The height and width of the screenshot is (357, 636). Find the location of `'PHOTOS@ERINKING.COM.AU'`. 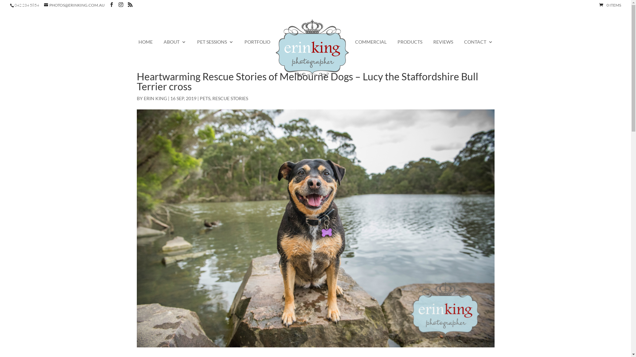

'PHOTOS@ERINKING.COM.AU' is located at coordinates (74, 5).